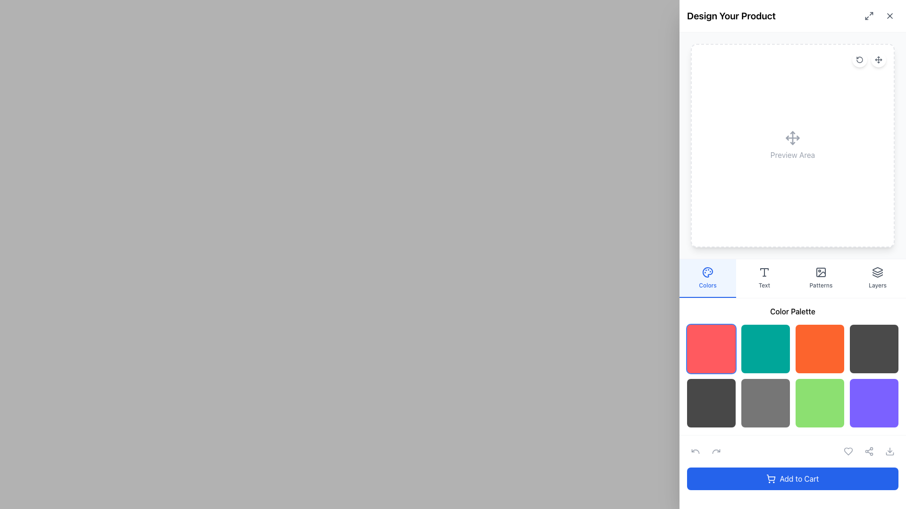  Describe the element at coordinates (889, 451) in the screenshot. I see `the download icon button located in the bottom-right corner of the interface to initiate a download` at that location.